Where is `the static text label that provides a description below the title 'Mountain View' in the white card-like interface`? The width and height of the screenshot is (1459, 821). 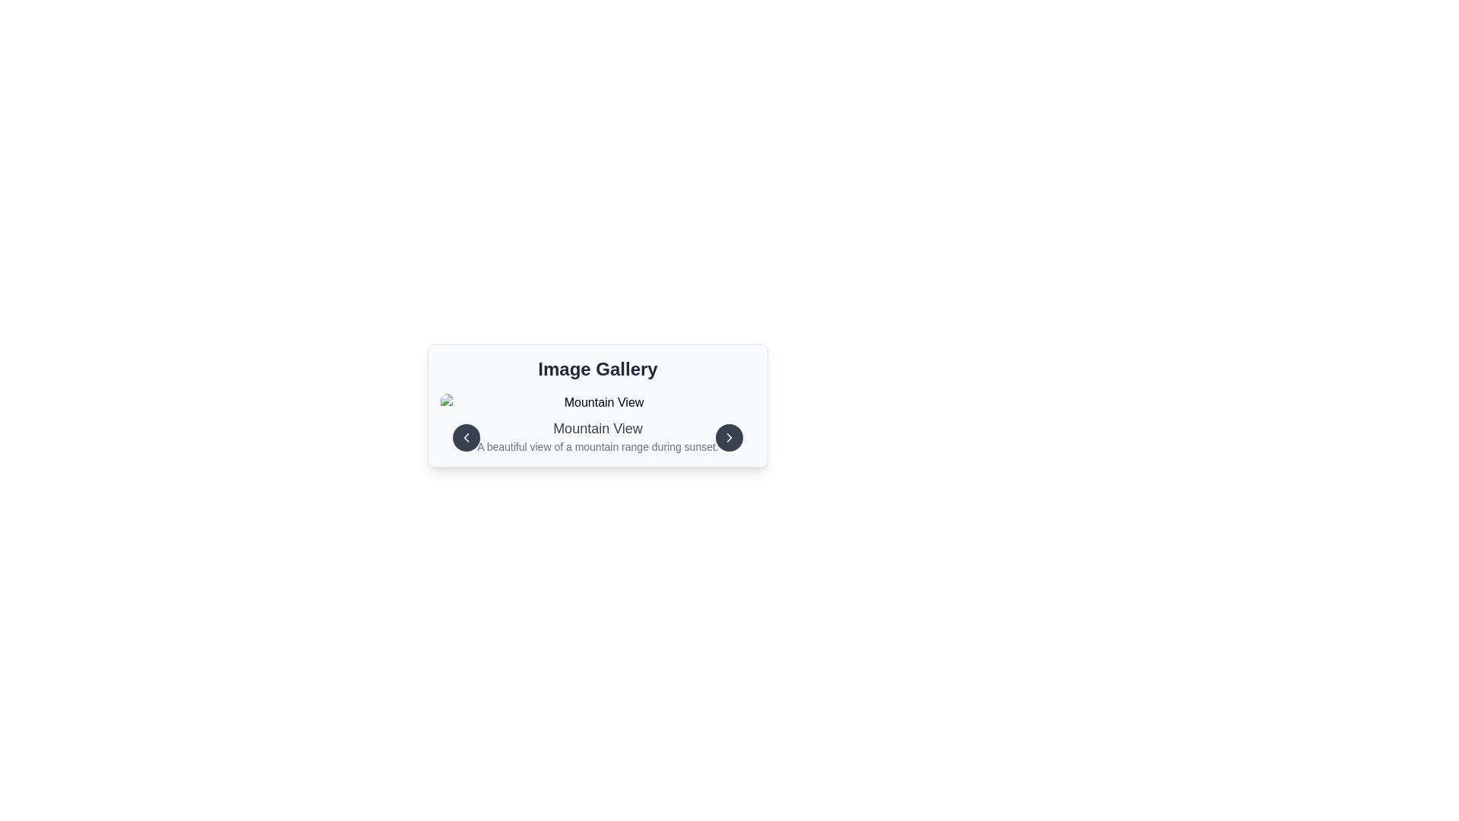
the static text label that provides a description below the title 'Mountain View' in the white card-like interface is located at coordinates (597, 445).